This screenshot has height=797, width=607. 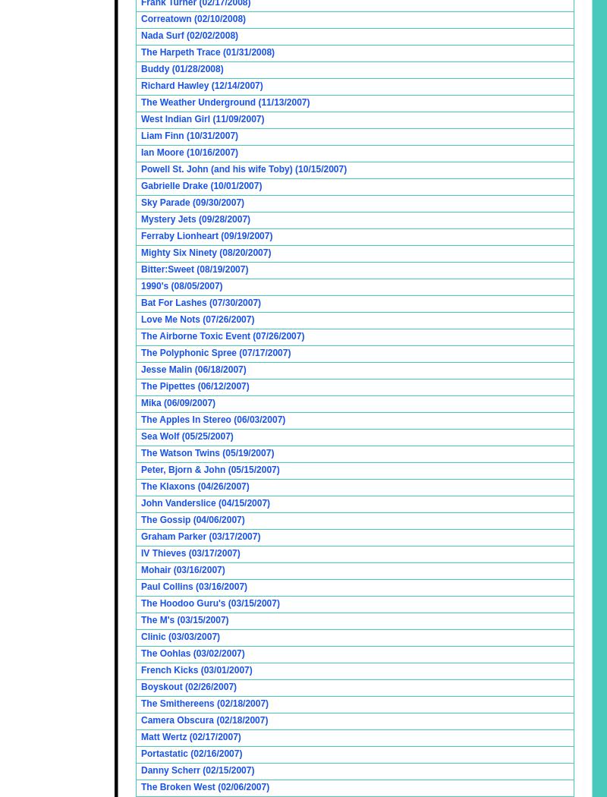 What do you see at coordinates (182, 569) in the screenshot?
I see `'Mohair (03/16/2007)'` at bounding box center [182, 569].